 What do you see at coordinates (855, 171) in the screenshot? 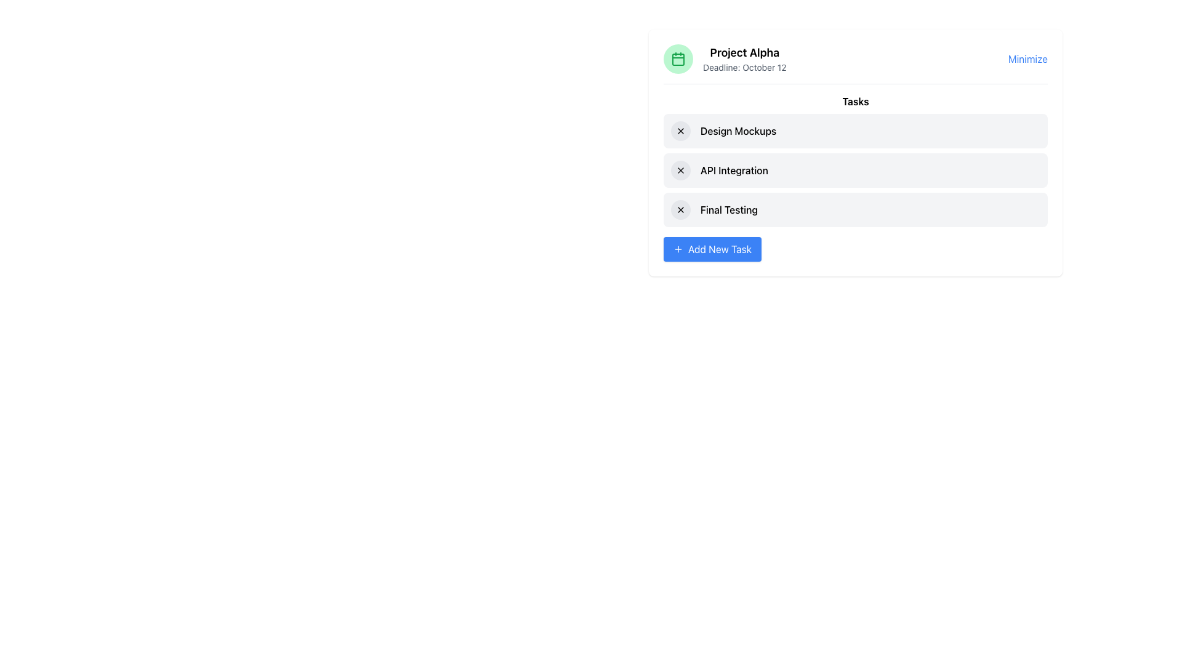
I see `the button of the second task item in the vertical list of task items, which is located beneath the 'Design Mockups' task and above the 'Final Testing' task` at bounding box center [855, 171].